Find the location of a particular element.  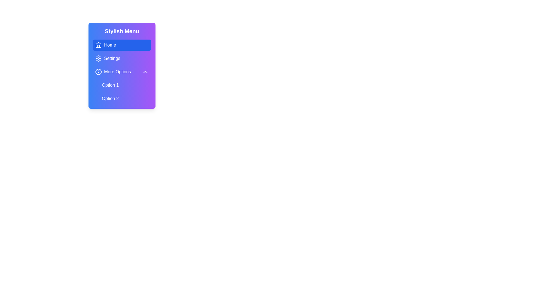

the 'Stylish Menu' Dropdown Menu option is located at coordinates (121, 65).